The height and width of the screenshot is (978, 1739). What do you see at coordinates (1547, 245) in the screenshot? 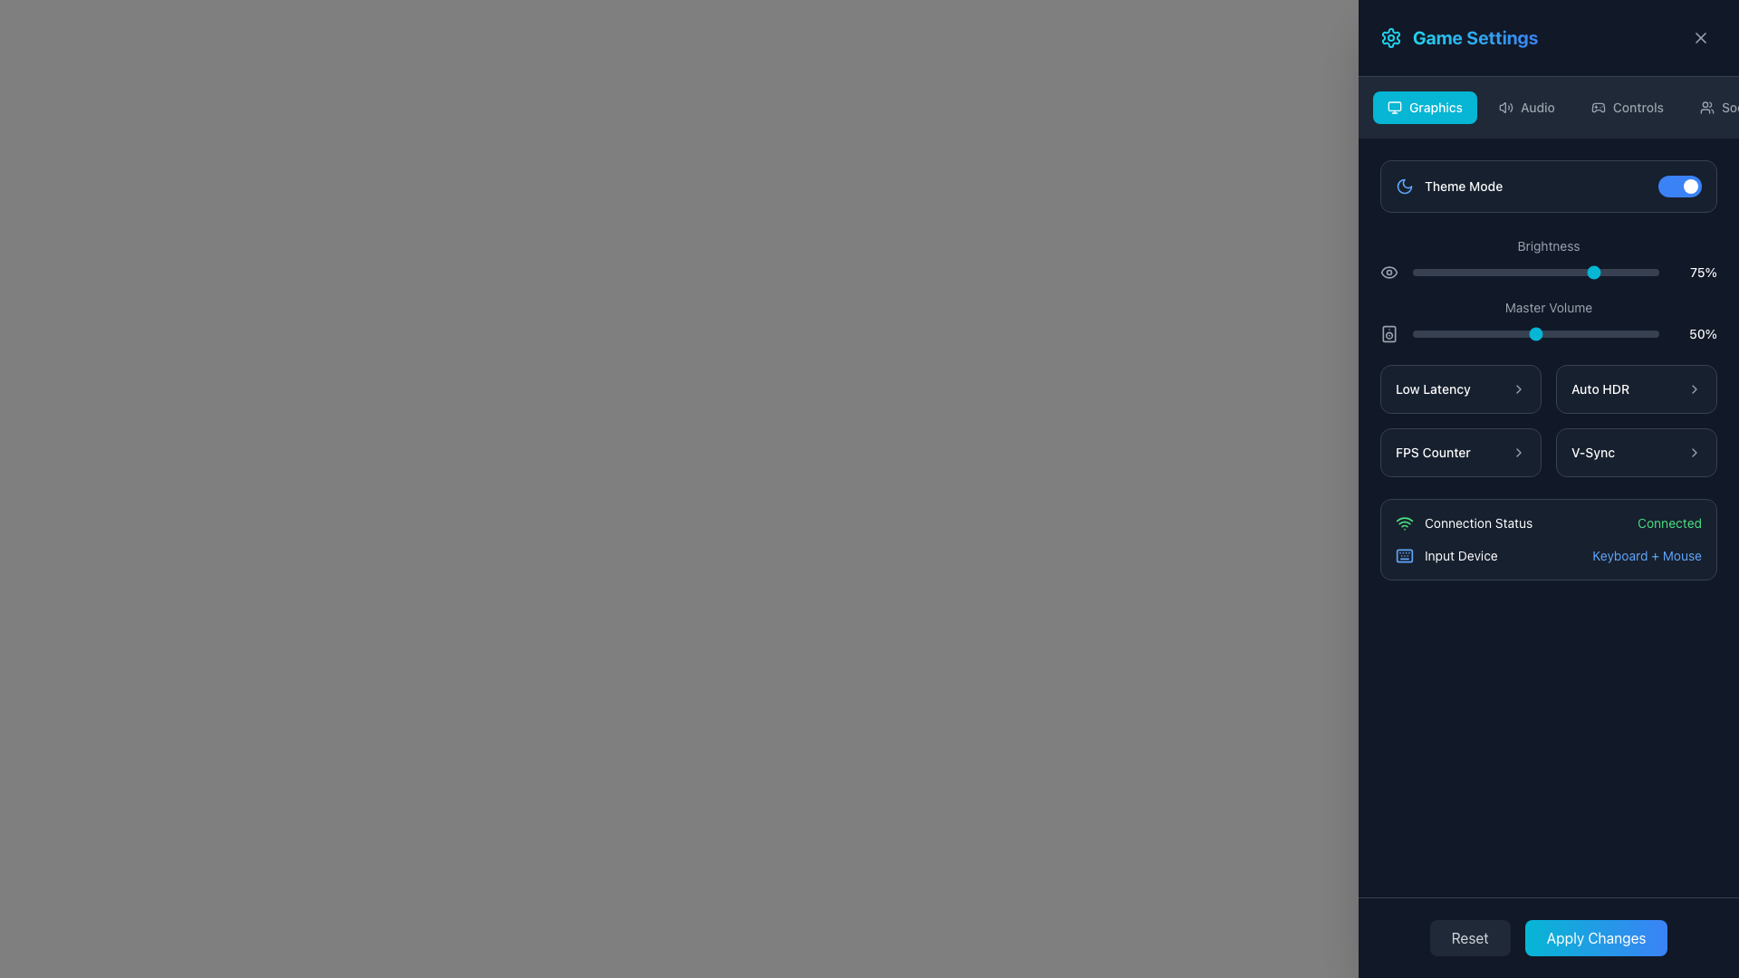
I see `the informative text label that serves as a descriptor for the associated slider control, which is positioned directly above the slider indicating '75%'` at bounding box center [1547, 245].